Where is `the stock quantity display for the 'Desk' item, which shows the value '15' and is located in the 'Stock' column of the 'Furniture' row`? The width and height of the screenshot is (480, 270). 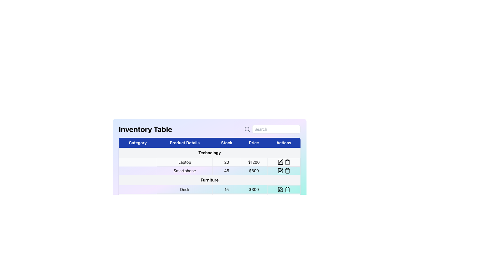
the stock quantity display for the 'Desk' item, which shows the value '15' and is located in the 'Stock' column of the 'Furniture' row is located at coordinates (226, 189).